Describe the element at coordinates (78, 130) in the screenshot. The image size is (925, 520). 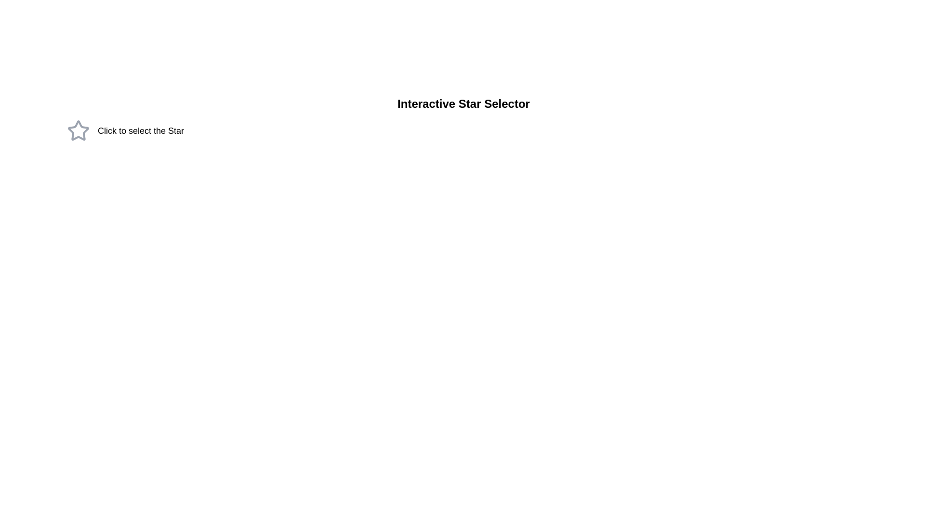
I see `the star-shaped icon with a gray outline located next to the text 'Click` at that location.